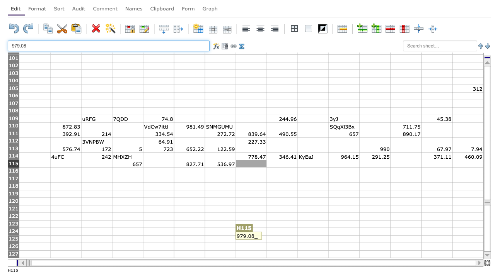 This screenshot has width=495, height=278. What do you see at coordinates (313, 239) in the screenshot?
I see `J125` at bounding box center [313, 239].